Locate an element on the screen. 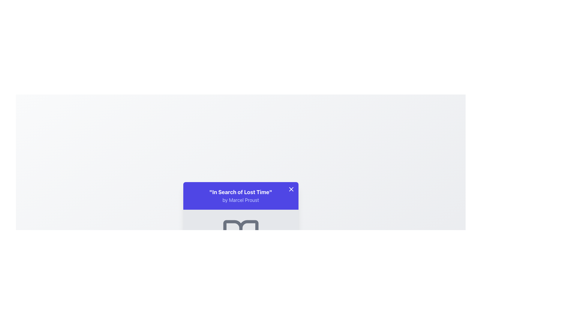  the backslash icon within the SVG that represents a closure or deletion action, located on the upper right of the blue banner containing the text 'In Search of Lost Time' is located at coordinates (291, 189).